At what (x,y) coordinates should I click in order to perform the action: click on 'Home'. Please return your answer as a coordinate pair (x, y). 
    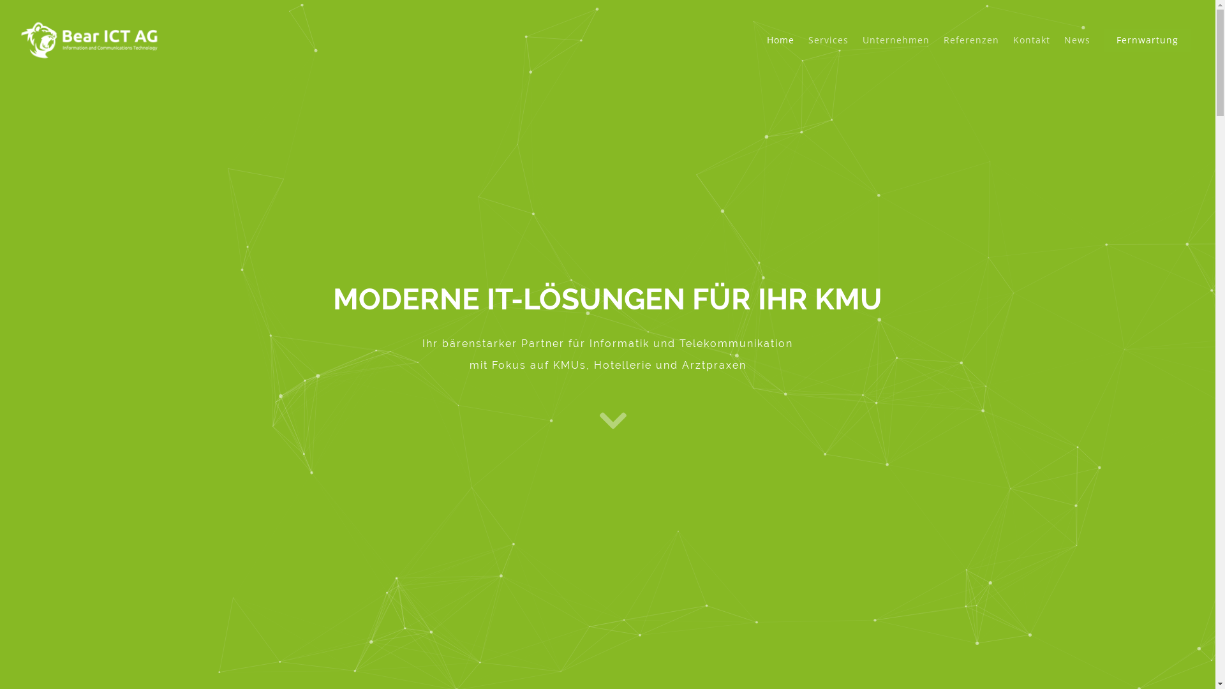
    Looking at the image, I should click on (780, 48).